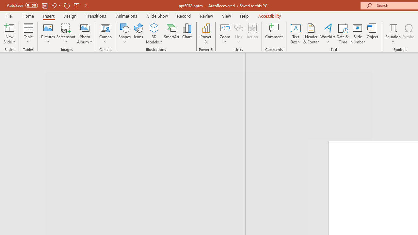 This screenshot has height=235, width=418. Describe the element at coordinates (274, 34) in the screenshot. I see `'Comment'` at that location.